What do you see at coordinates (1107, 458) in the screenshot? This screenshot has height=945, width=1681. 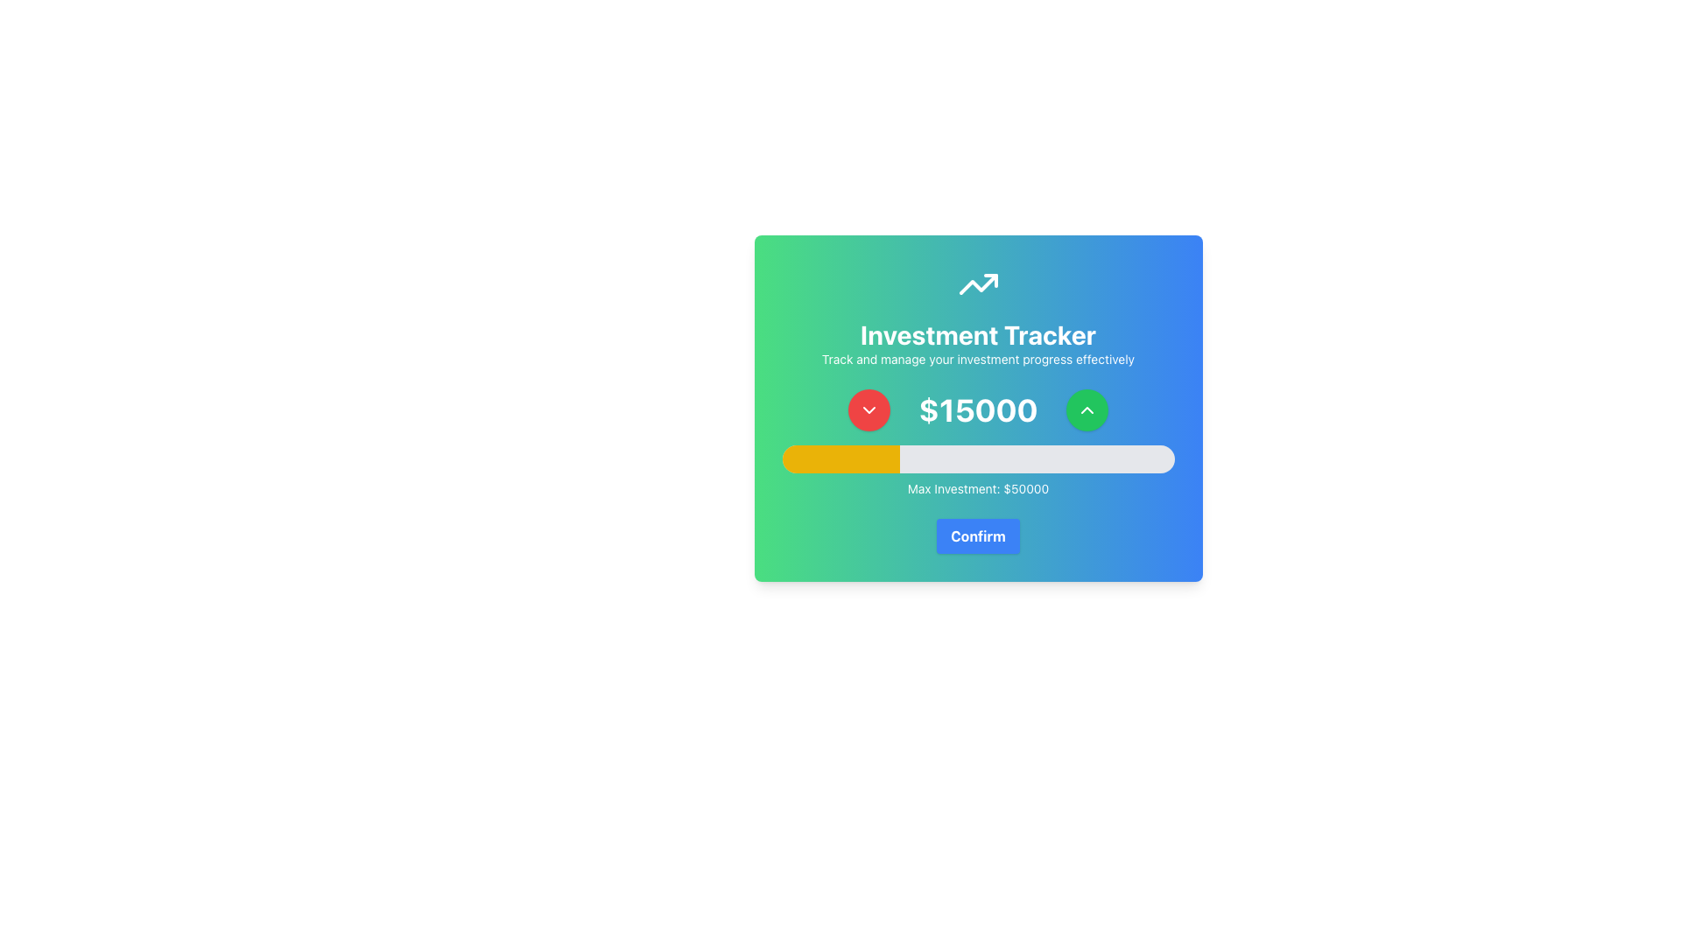 I see `progress` at bounding box center [1107, 458].